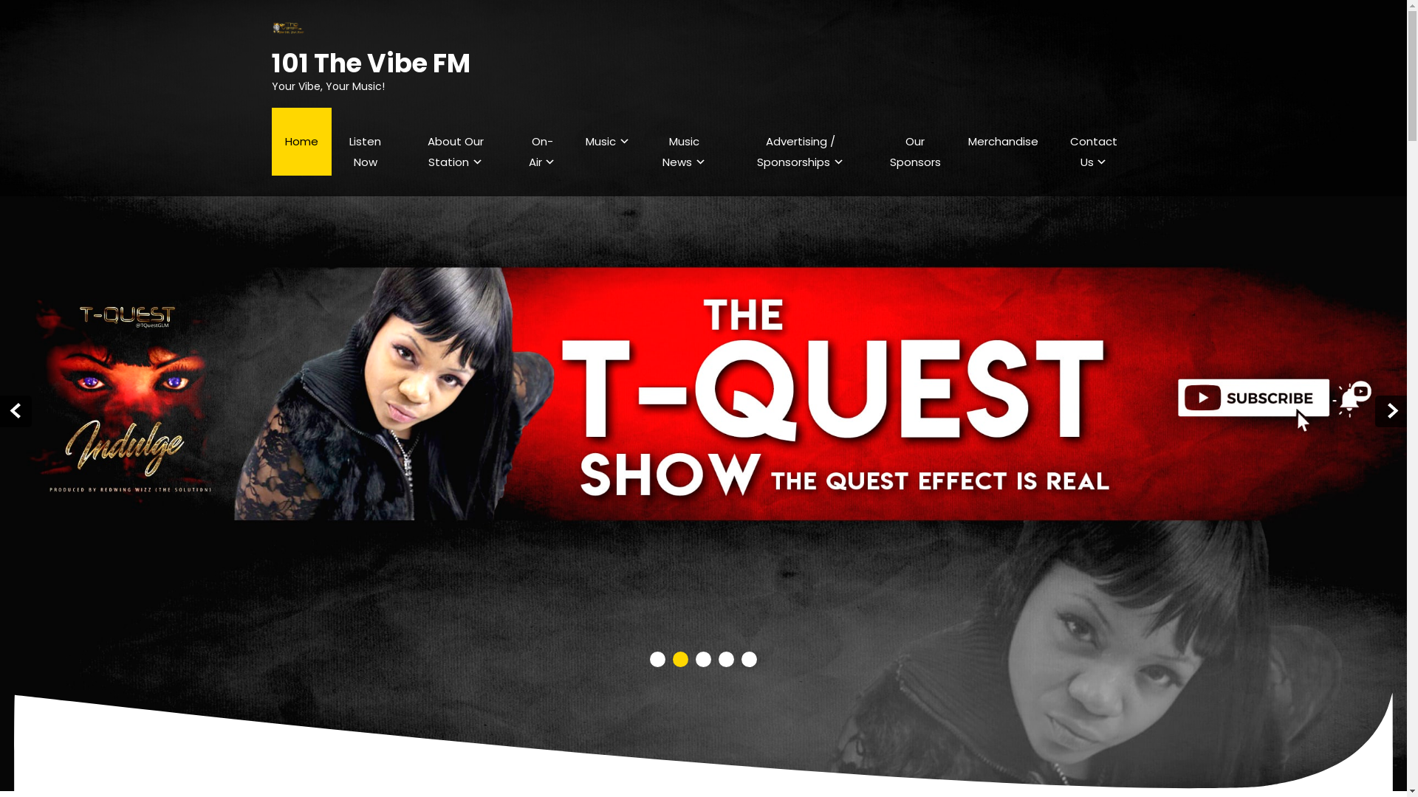 The image size is (1418, 797). I want to click on 'Music News', so click(683, 151).